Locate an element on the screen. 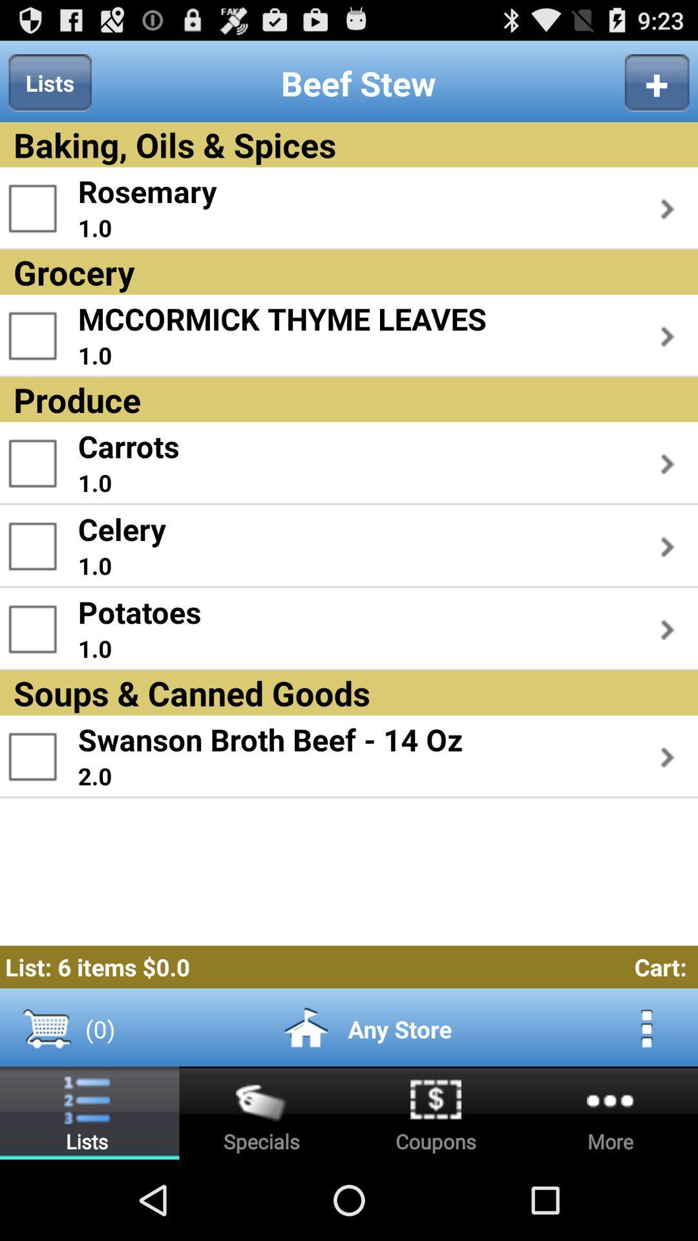 This screenshot has height=1241, width=698. the more icon is located at coordinates (646, 1101).